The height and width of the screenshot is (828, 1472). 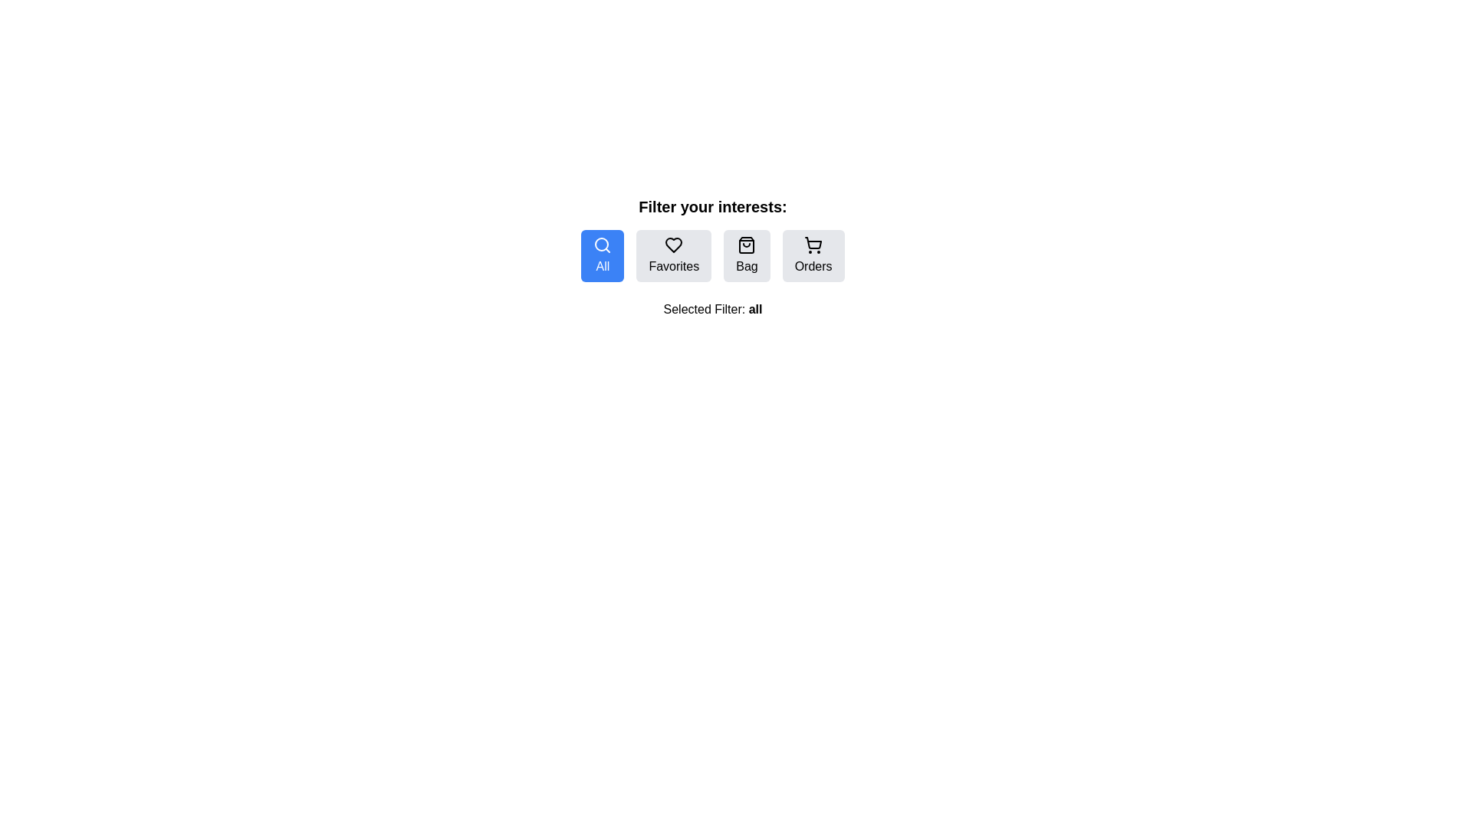 I want to click on the Bag filter button to change the active filter, so click(x=747, y=255).